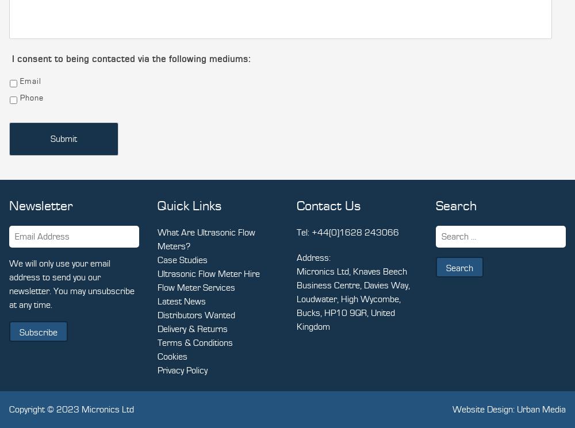 The image size is (575, 428). Describe the element at coordinates (208, 274) in the screenshot. I see `'Ultrasonic Flow Meter Hire'` at that location.